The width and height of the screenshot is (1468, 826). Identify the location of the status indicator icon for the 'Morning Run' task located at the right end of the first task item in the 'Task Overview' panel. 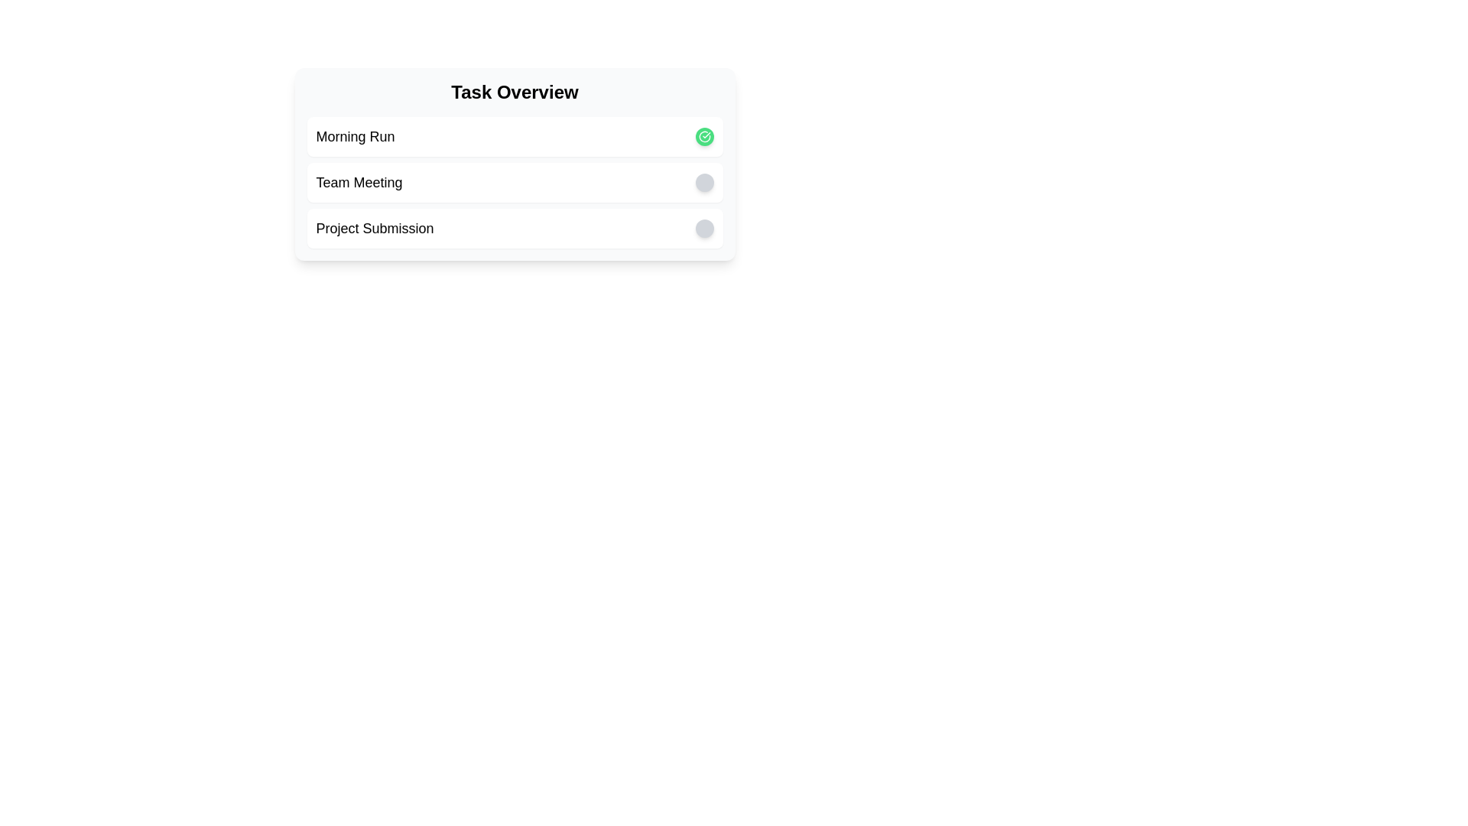
(703, 135).